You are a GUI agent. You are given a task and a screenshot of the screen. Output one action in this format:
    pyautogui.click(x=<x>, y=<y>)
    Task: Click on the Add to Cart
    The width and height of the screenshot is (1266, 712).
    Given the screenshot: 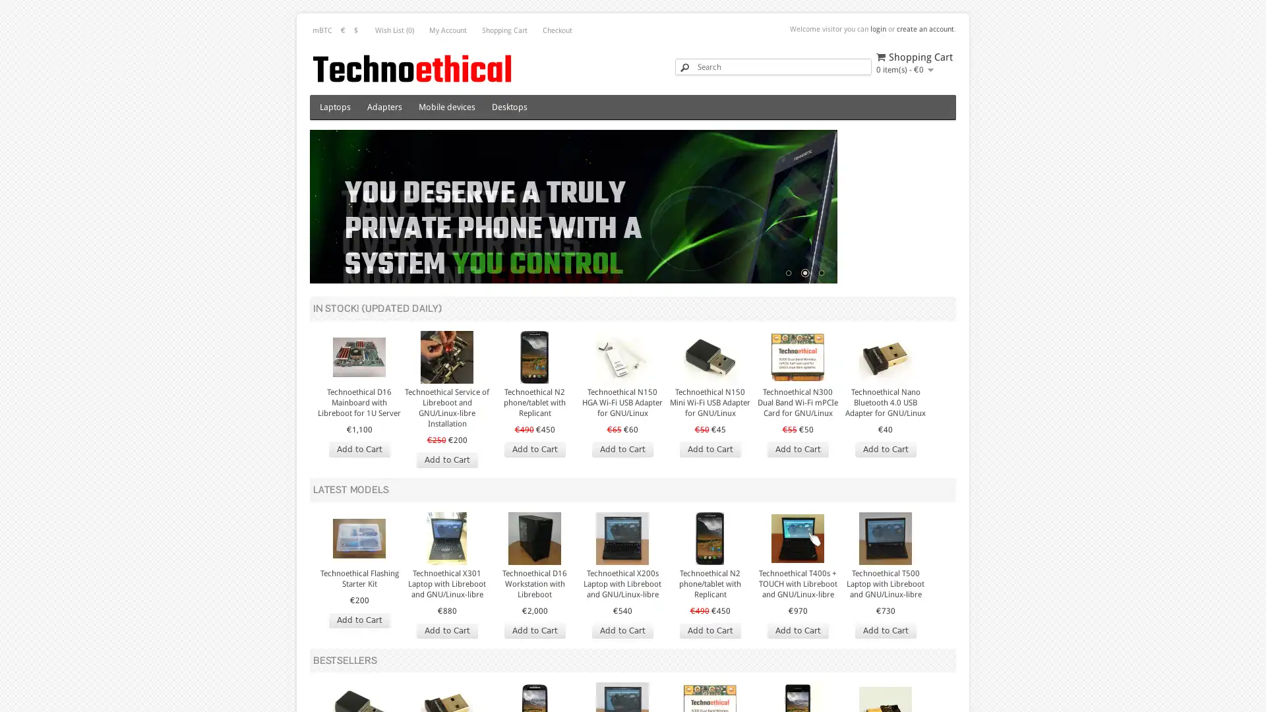 What is the action you would take?
    pyautogui.click(x=885, y=493)
    